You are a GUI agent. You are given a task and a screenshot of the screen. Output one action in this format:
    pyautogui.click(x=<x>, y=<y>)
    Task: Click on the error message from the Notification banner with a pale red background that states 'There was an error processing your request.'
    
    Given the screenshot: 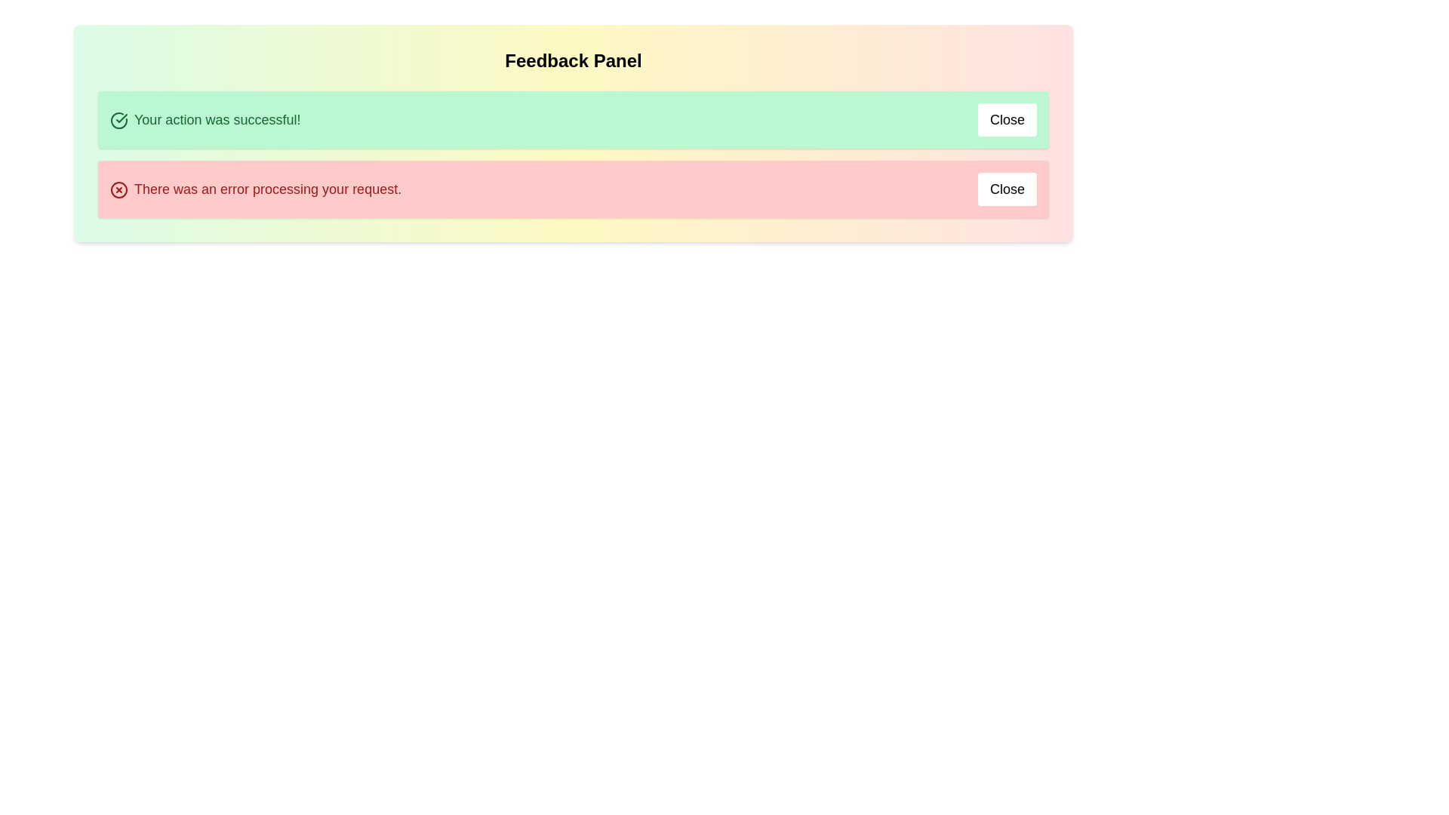 What is the action you would take?
    pyautogui.click(x=572, y=188)
    